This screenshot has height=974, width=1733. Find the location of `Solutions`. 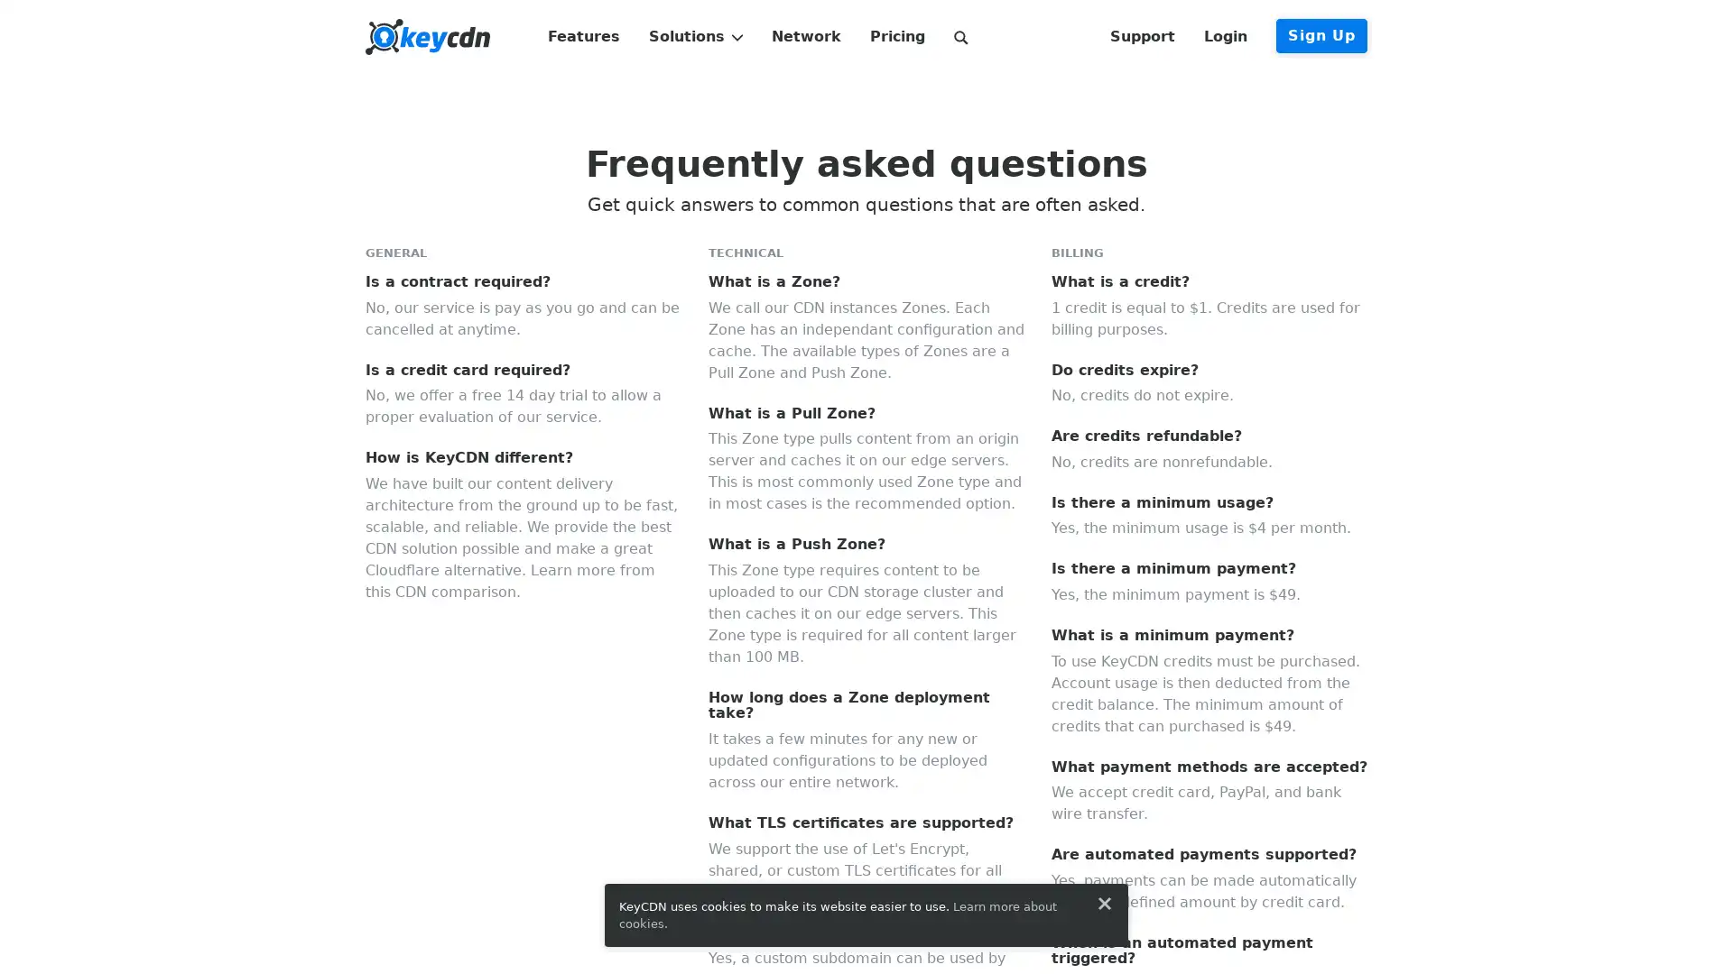

Solutions is located at coordinates (694, 37).